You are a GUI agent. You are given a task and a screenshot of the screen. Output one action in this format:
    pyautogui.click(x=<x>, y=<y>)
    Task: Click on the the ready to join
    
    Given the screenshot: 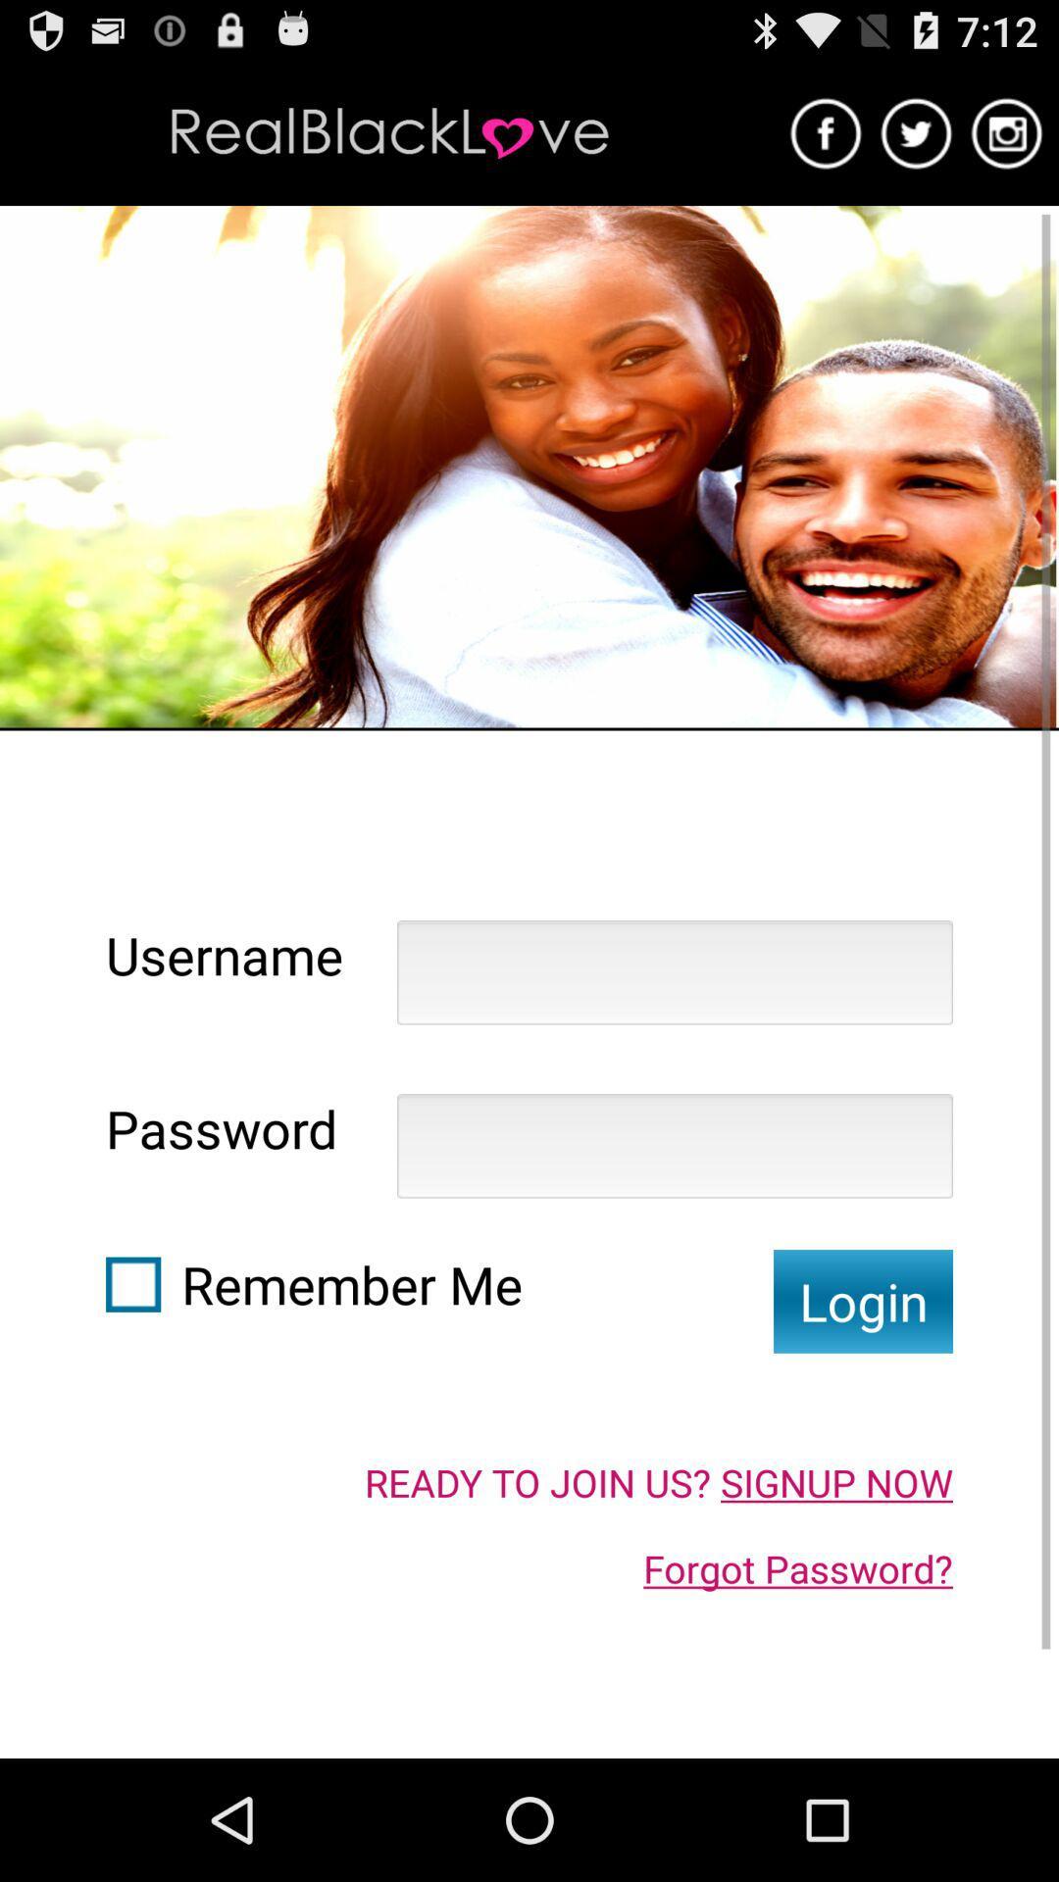 What is the action you would take?
    pyautogui.click(x=658, y=1482)
    